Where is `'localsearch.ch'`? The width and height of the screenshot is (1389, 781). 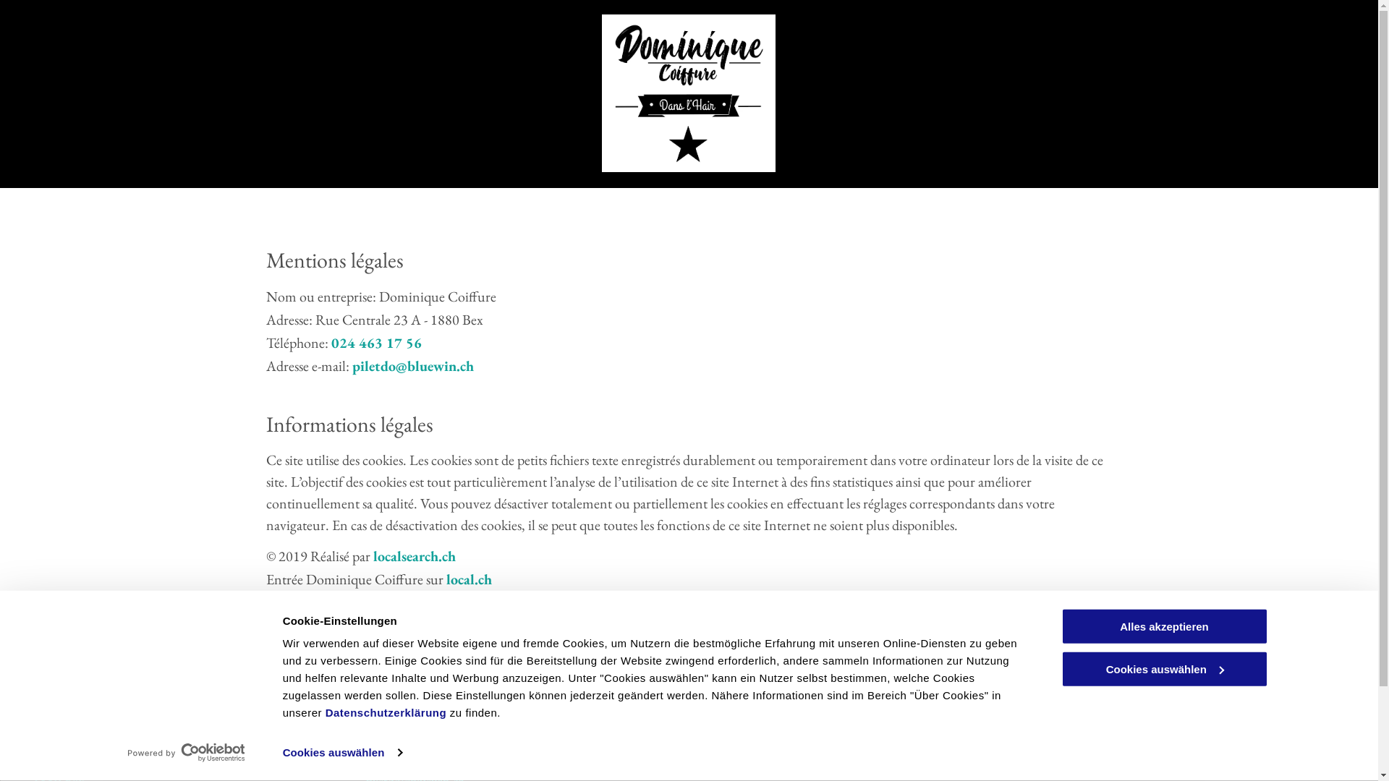
'localsearch.ch' is located at coordinates (413, 555).